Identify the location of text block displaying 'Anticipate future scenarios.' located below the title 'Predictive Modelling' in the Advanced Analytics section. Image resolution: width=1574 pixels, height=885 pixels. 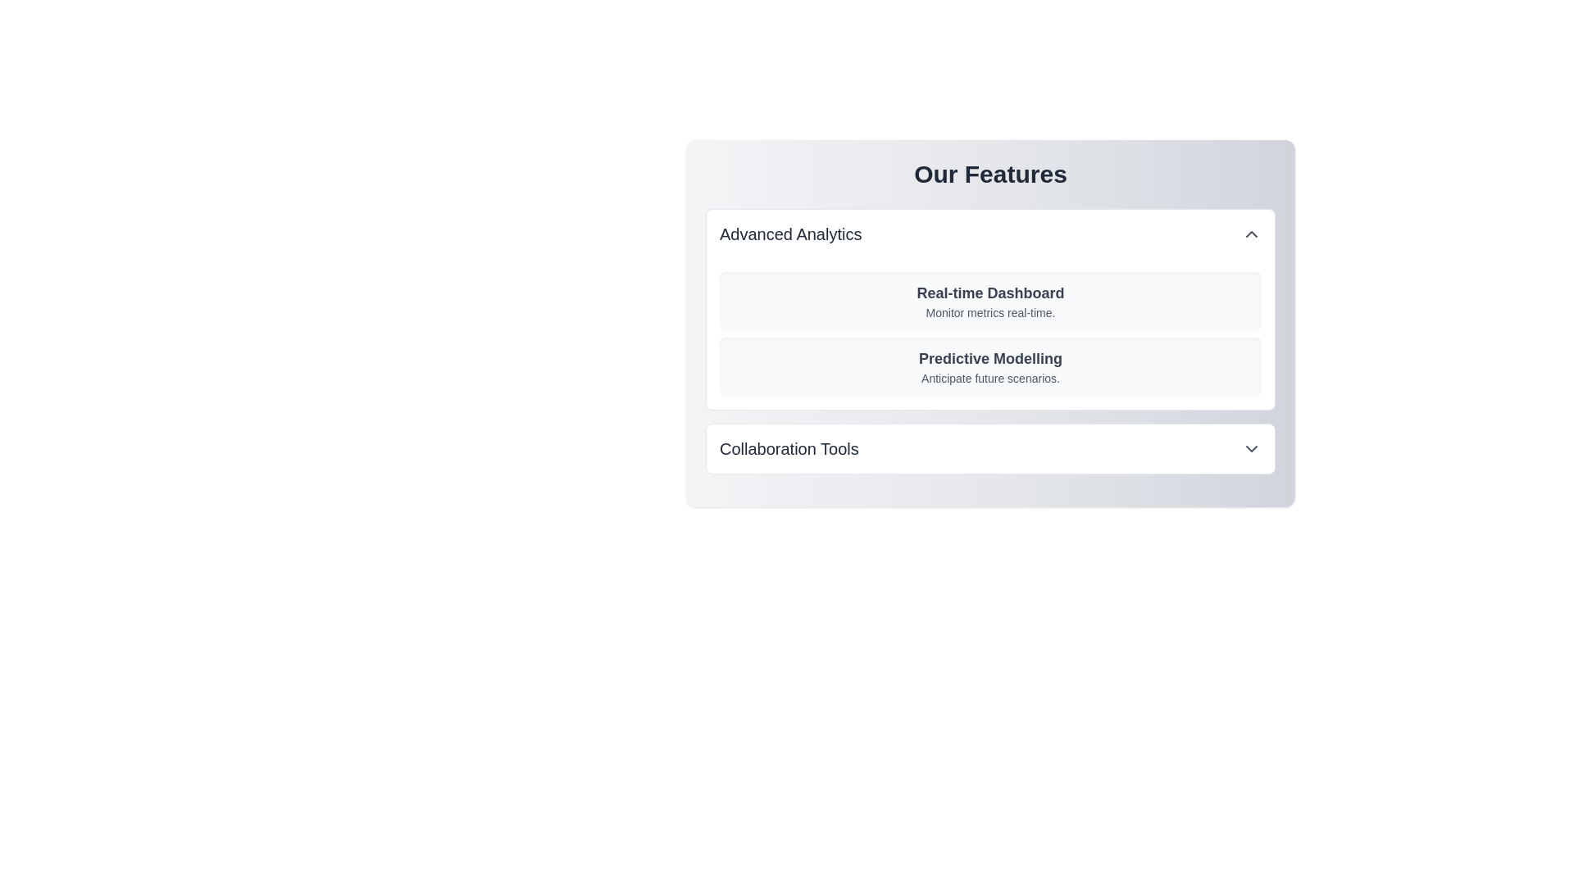
(989, 379).